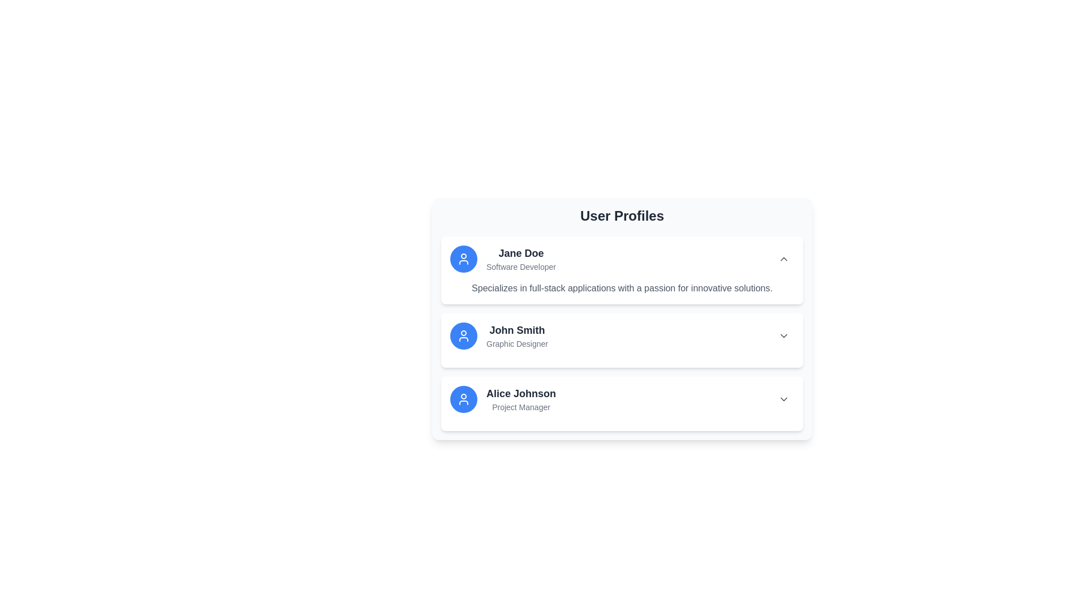  What do you see at coordinates (783, 398) in the screenshot?
I see `the downward-pointing chevron Toggle Icon located in the user profile section under 'Alice Johnson'` at bounding box center [783, 398].